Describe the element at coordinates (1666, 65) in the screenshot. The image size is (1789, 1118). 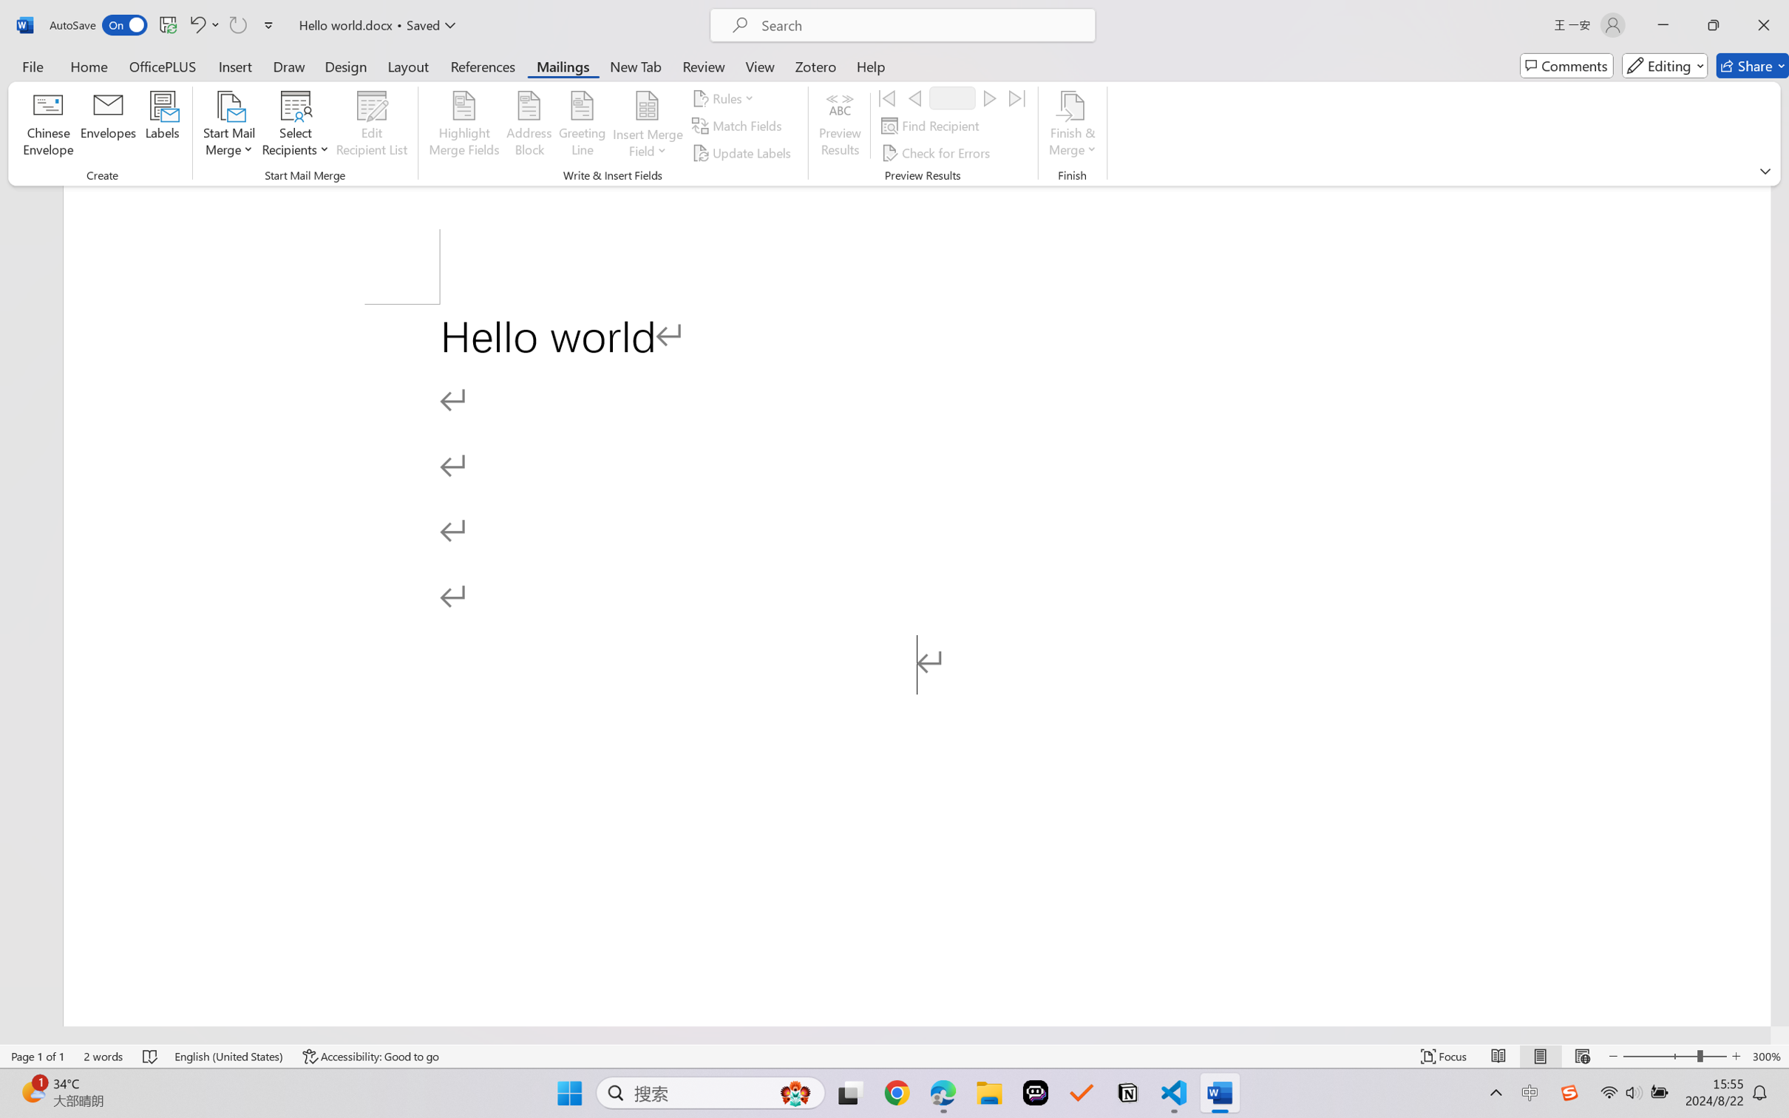
I see `'Editing'` at that location.